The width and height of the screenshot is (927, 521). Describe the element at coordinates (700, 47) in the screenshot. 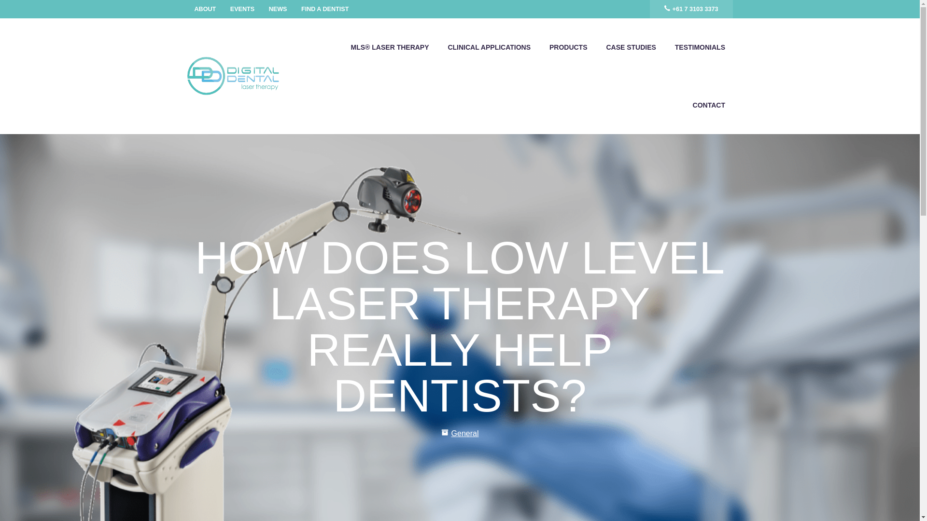

I see `'TESTIMONIALS'` at that location.